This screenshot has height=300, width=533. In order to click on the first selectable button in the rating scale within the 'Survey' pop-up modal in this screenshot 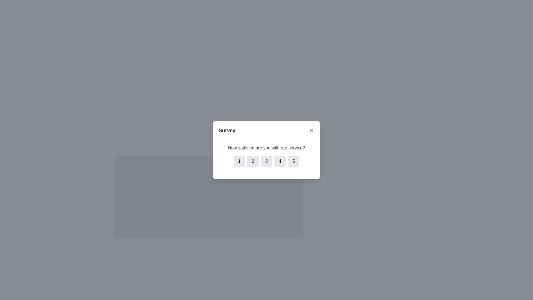, I will do `click(239, 161)`.